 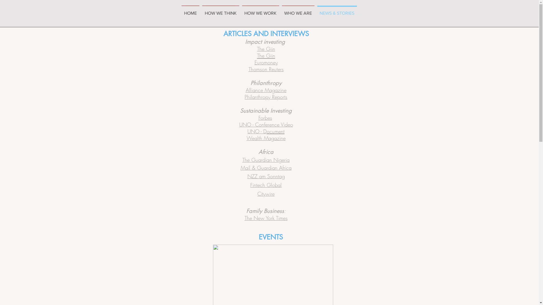 I want to click on 'The New York Times', so click(x=266, y=217).